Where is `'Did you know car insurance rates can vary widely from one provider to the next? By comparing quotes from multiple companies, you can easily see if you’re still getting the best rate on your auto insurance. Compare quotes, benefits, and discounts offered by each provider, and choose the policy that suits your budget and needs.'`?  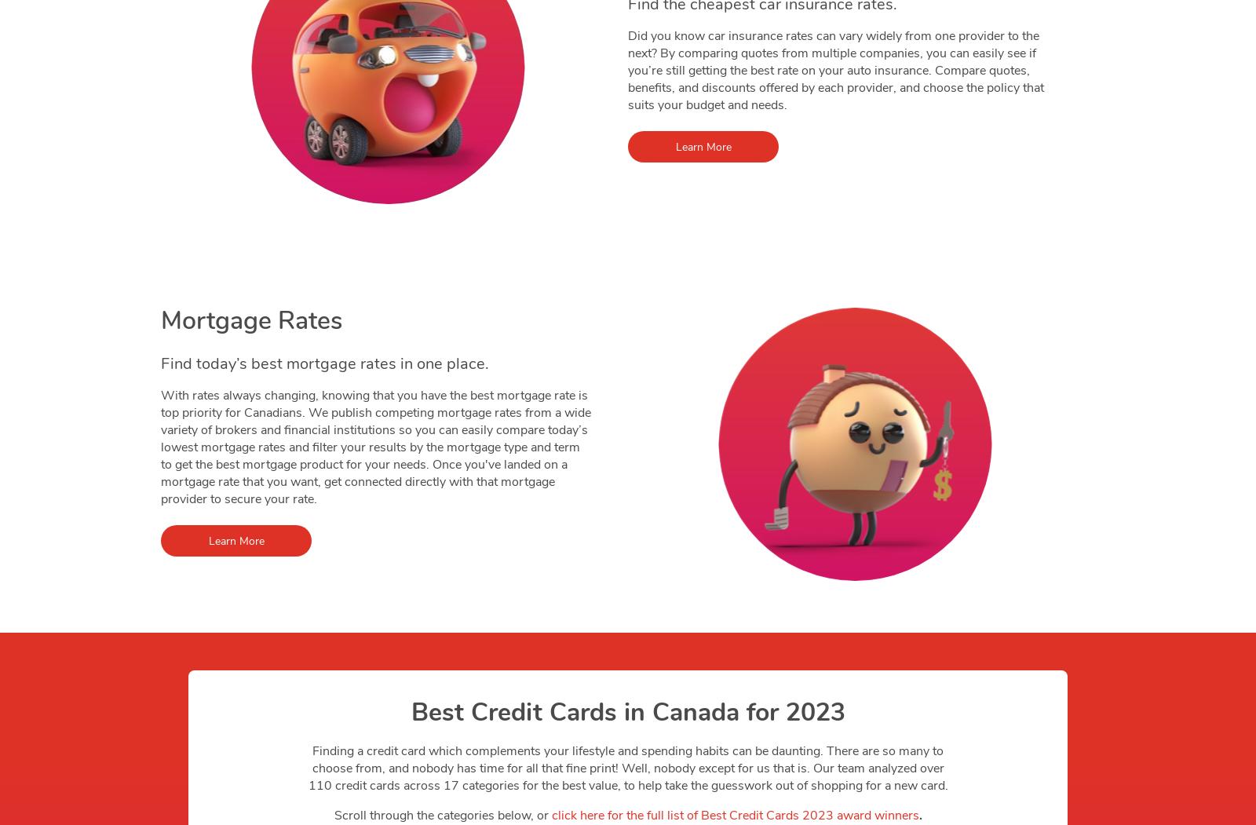
'Did you know car insurance rates can vary widely from one provider to the next? By comparing quotes from multiple companies, you can easily see if you’re still getting the best rate on your auto insurance. Compare quotes, benefits, and discounts offered by each provider, and choose the policy that suits your budget and needs.' is located at coordinates (835, 70).